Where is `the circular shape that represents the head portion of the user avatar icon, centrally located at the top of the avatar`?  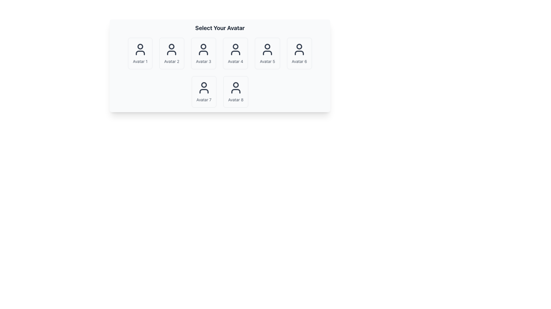
the circular shape that represents the head portion of the user avatar icon, centrally located at the top of the avatar is located at coordinates (267, 46).